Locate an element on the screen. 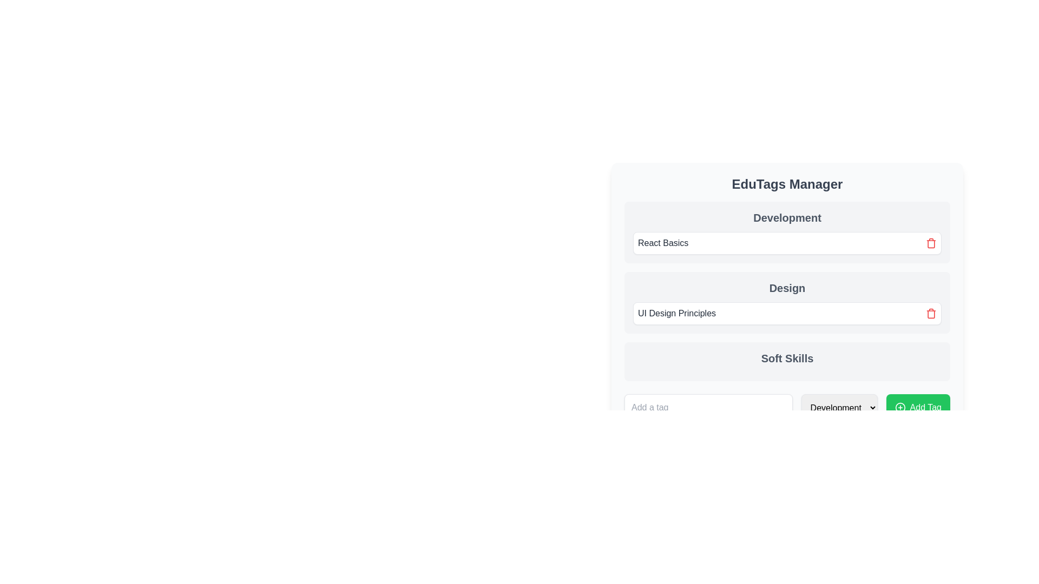 Image resolution: width=1039 pixels, height=584 pixels. the circular green icon with a plus sign located to the left of the 'Add Tag' text to initiate the add tag process is located at coordinates (900, 407).